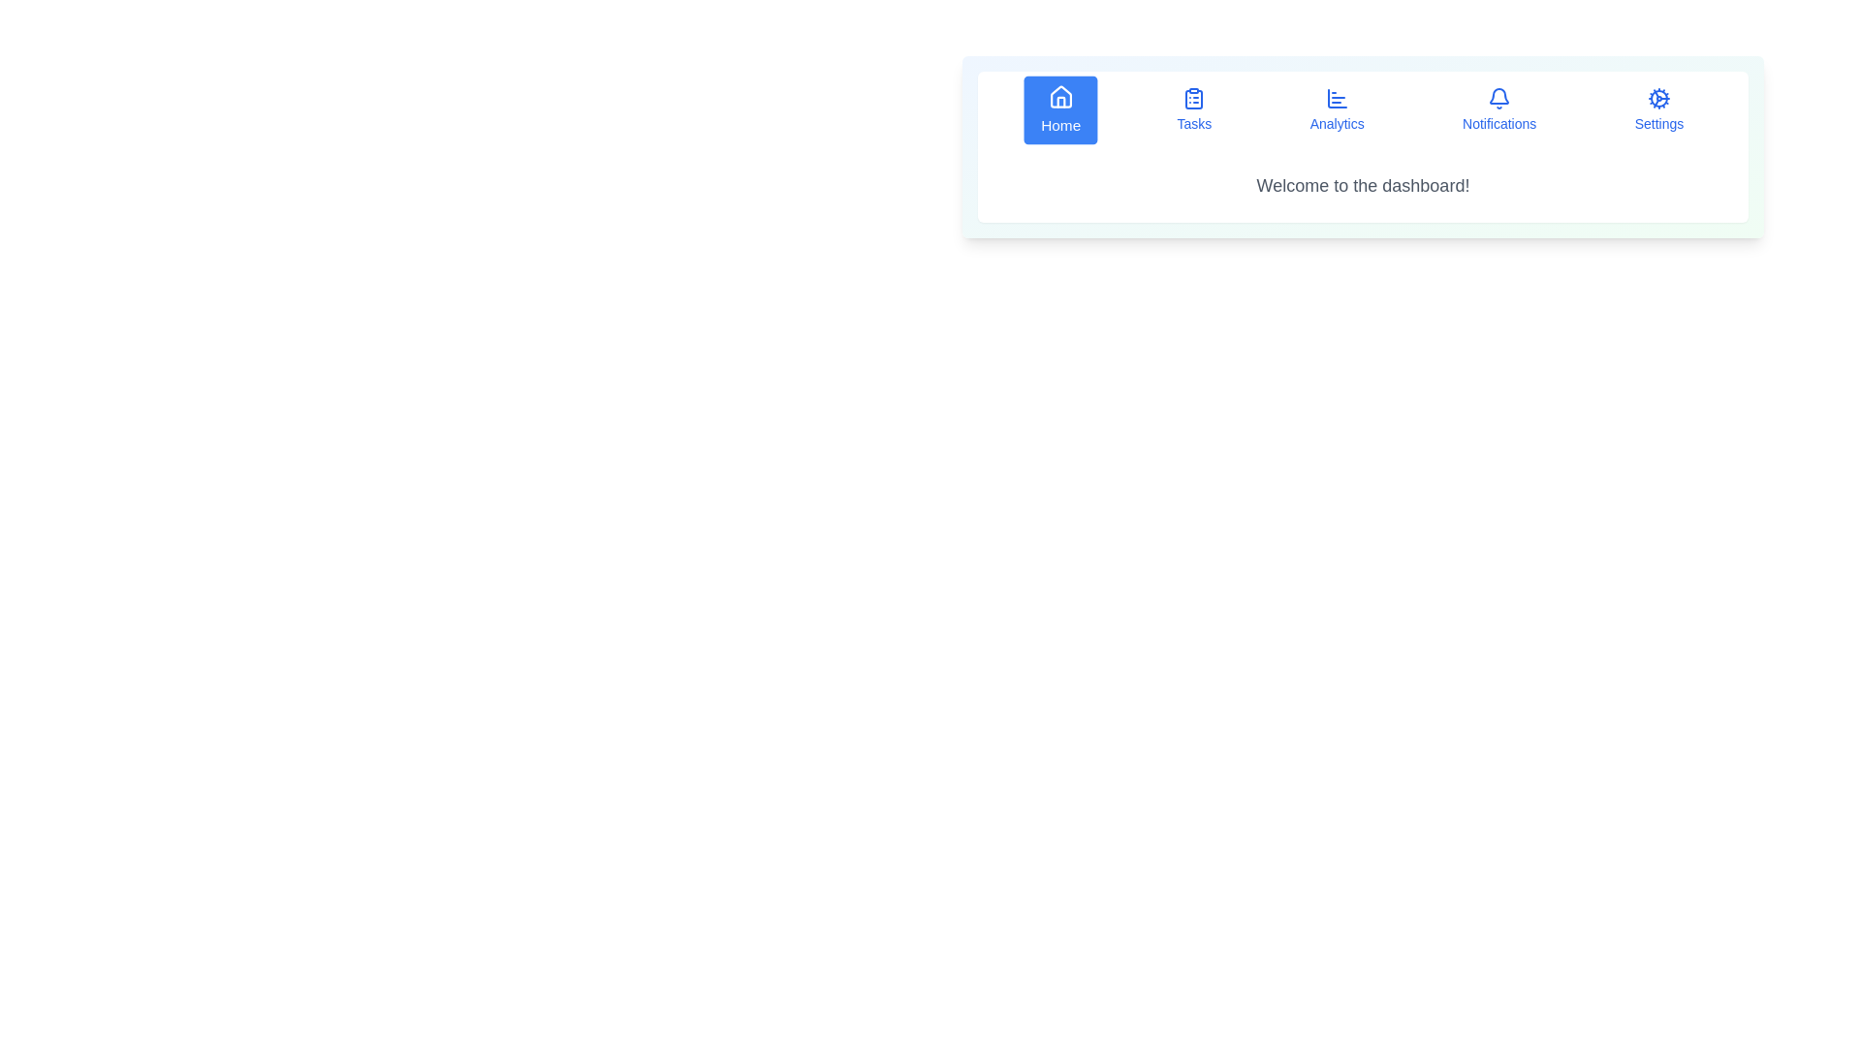 The height and width of the screenshot is (1046, 1861). I want to click on the Settings button, so click(1658, 110).